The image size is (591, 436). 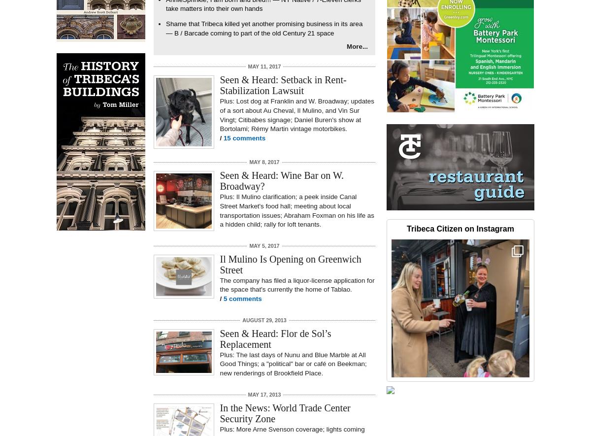 What do you see at coordinates (247, 394) in the screenshot?
I see `'May 17, 2013'` at bounding box center [247, 394].